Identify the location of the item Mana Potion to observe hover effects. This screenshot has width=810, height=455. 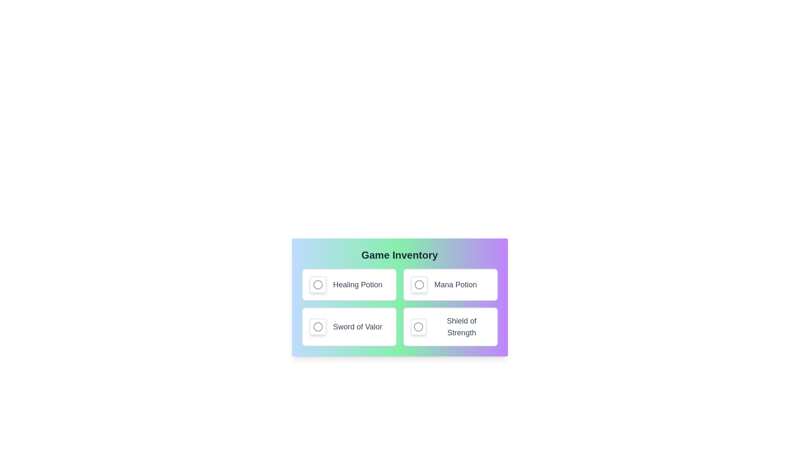
(450, 284).